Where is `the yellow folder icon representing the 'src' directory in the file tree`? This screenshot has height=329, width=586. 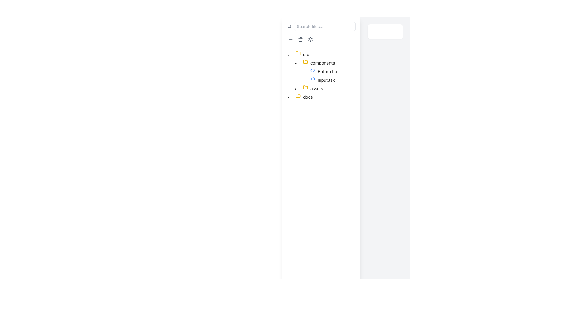 the yellow folder icon representing the 'src' directory in the file tree is located at coordinates (298, 95).